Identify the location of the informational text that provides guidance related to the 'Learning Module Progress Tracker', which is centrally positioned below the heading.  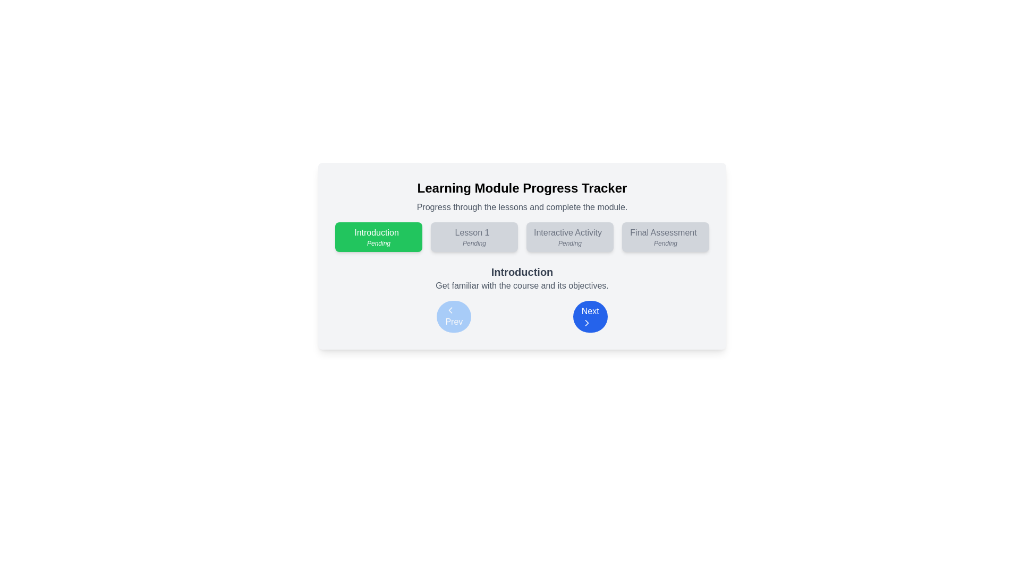
(522, 207).